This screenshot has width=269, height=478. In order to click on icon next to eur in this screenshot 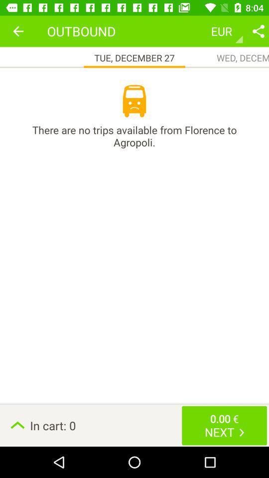, I will do `click(258, 31)`.